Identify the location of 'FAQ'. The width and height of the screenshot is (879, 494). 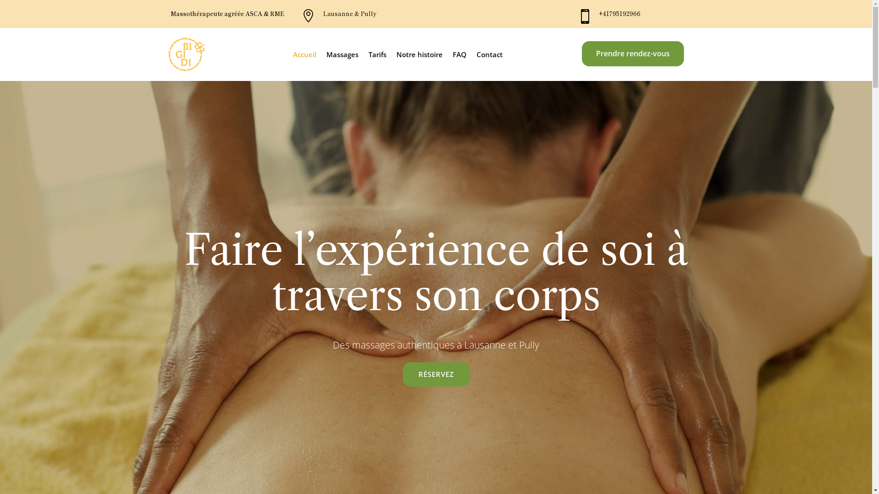
(459, 54).